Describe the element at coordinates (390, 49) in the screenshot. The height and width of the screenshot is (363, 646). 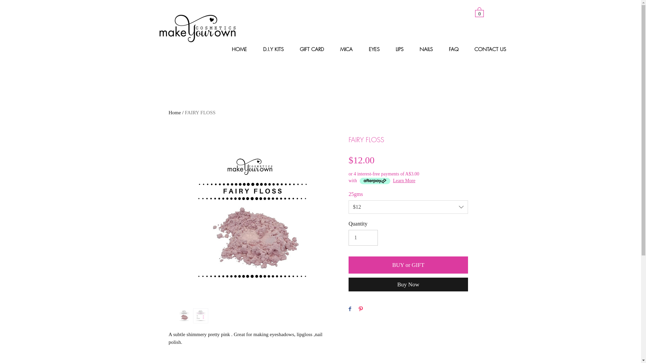
I see `'LIPS'` at that location.